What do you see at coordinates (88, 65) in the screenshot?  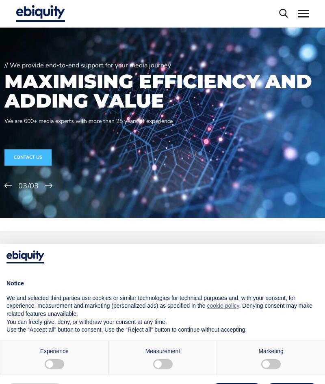 I see `'// We provide end-to-end support for your media journey'` at bounding box center [88, 65].